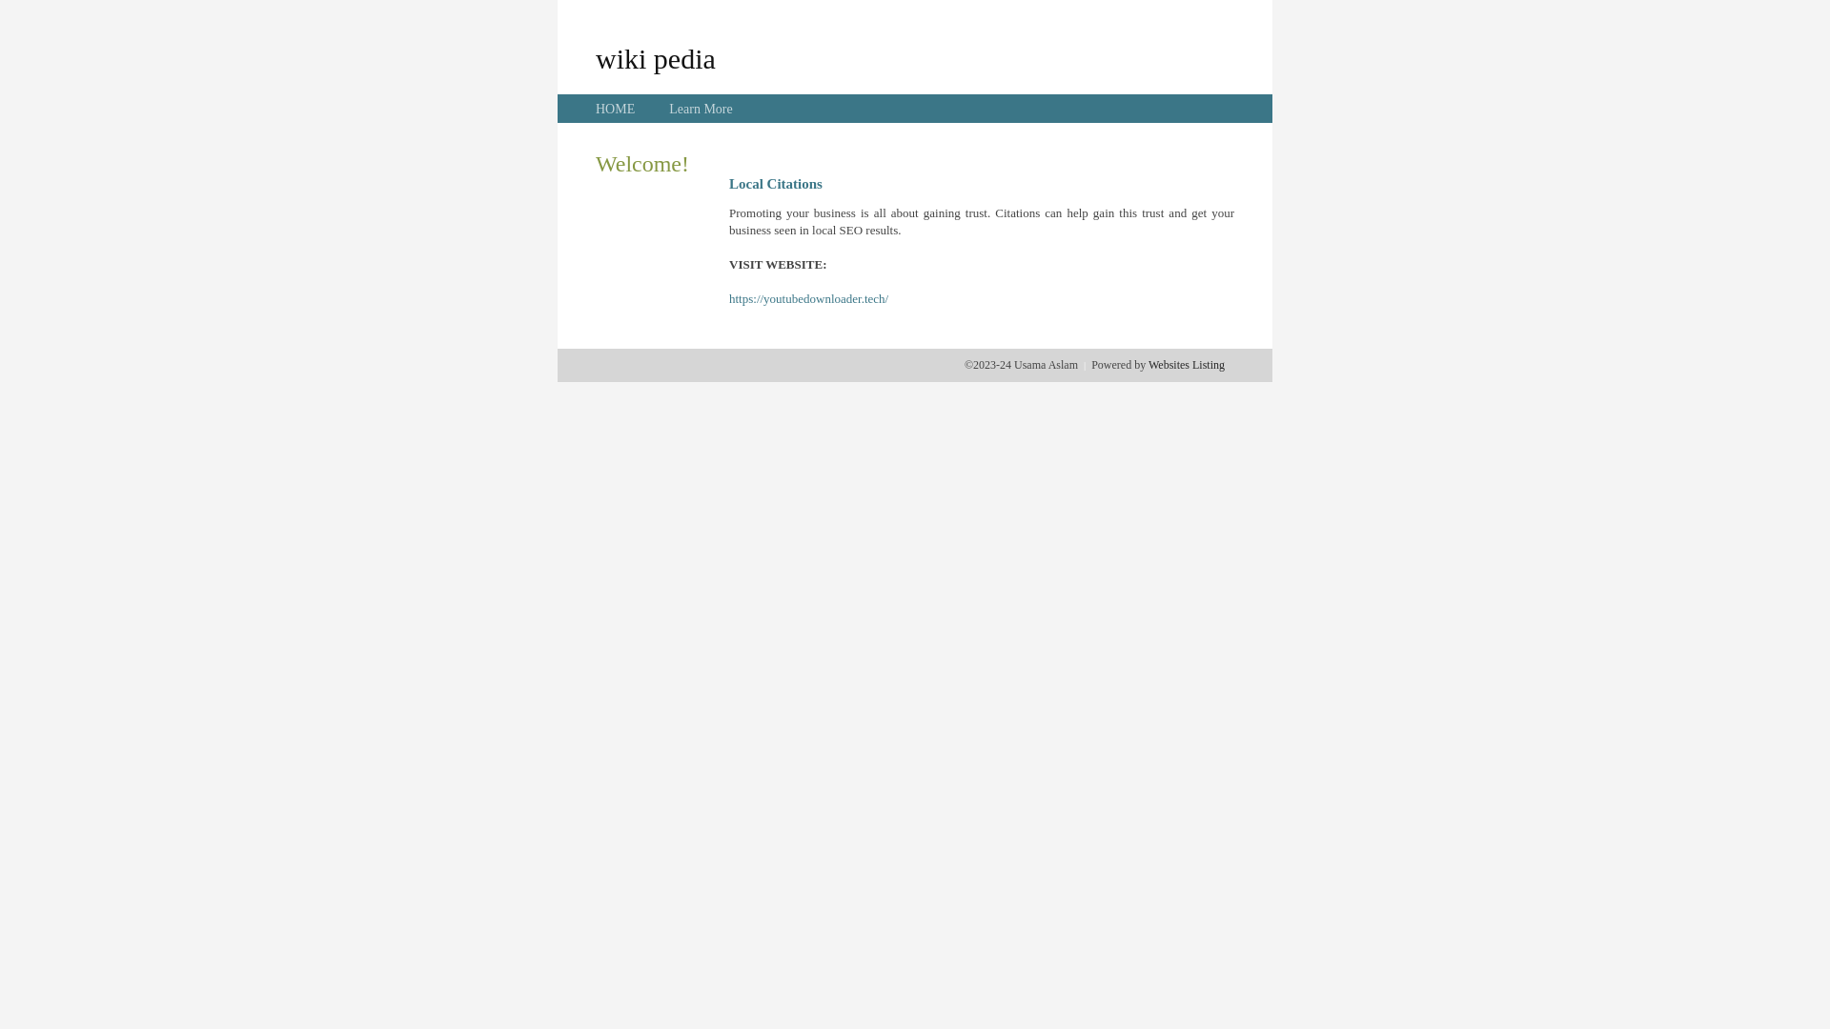  I want to click on 'wiki pedia', so click(594, 57).